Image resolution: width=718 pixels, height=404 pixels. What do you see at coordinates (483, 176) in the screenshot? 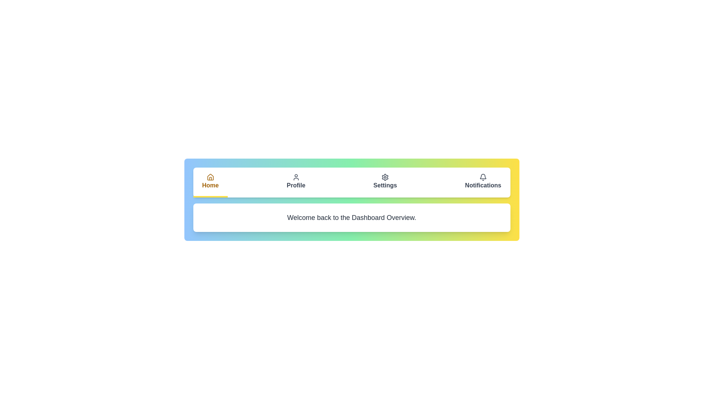
I see `the second graphical component of the bell icon representing the notifications indicator located in the Notifications section of the top navigation bar` at bounding box center [483, 176].